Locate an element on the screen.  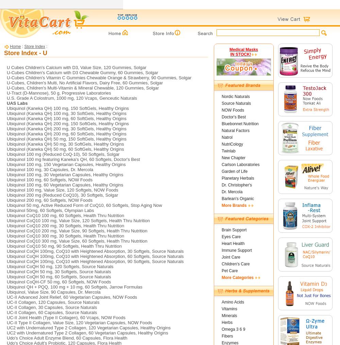
'U Cubes Children's Calcium with D3, Value Size, 120 Gummies, Solgar' is located at coordinates (76, 67).